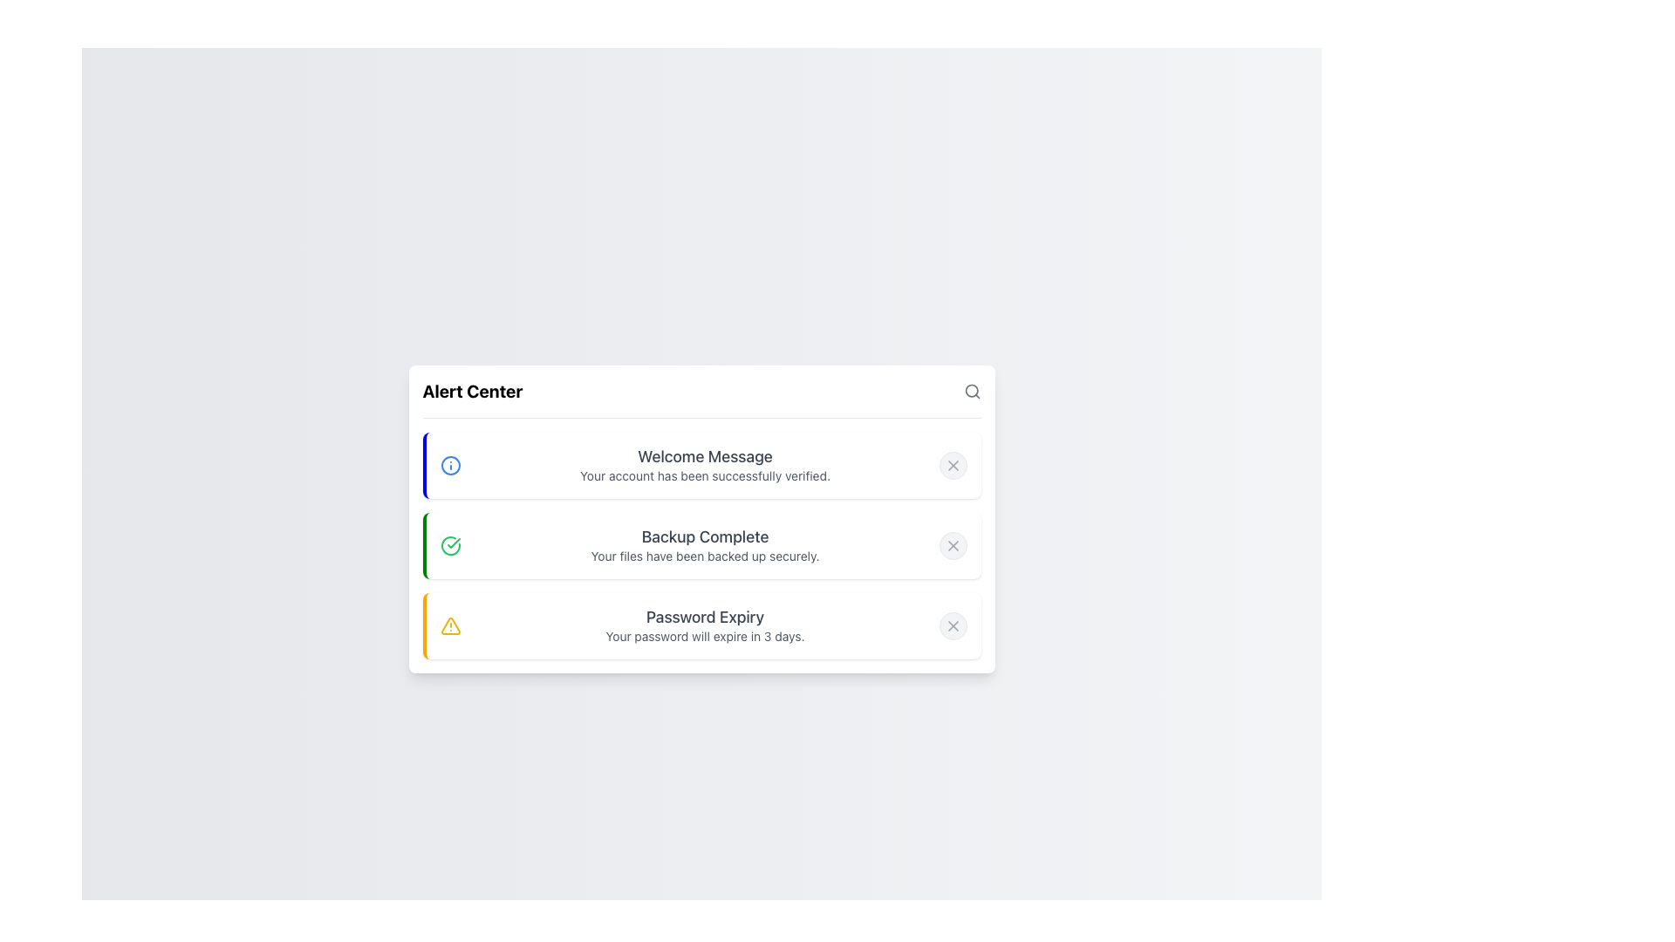 The height and width of the screenshot is (942, 1675). Describe the element at coordinates (952, 464) in the screenshot. I see `the 'X' icon within the dismiss button for the 'Welcome Message' notification, located in the first row of the 'Alert Center'` at that location.